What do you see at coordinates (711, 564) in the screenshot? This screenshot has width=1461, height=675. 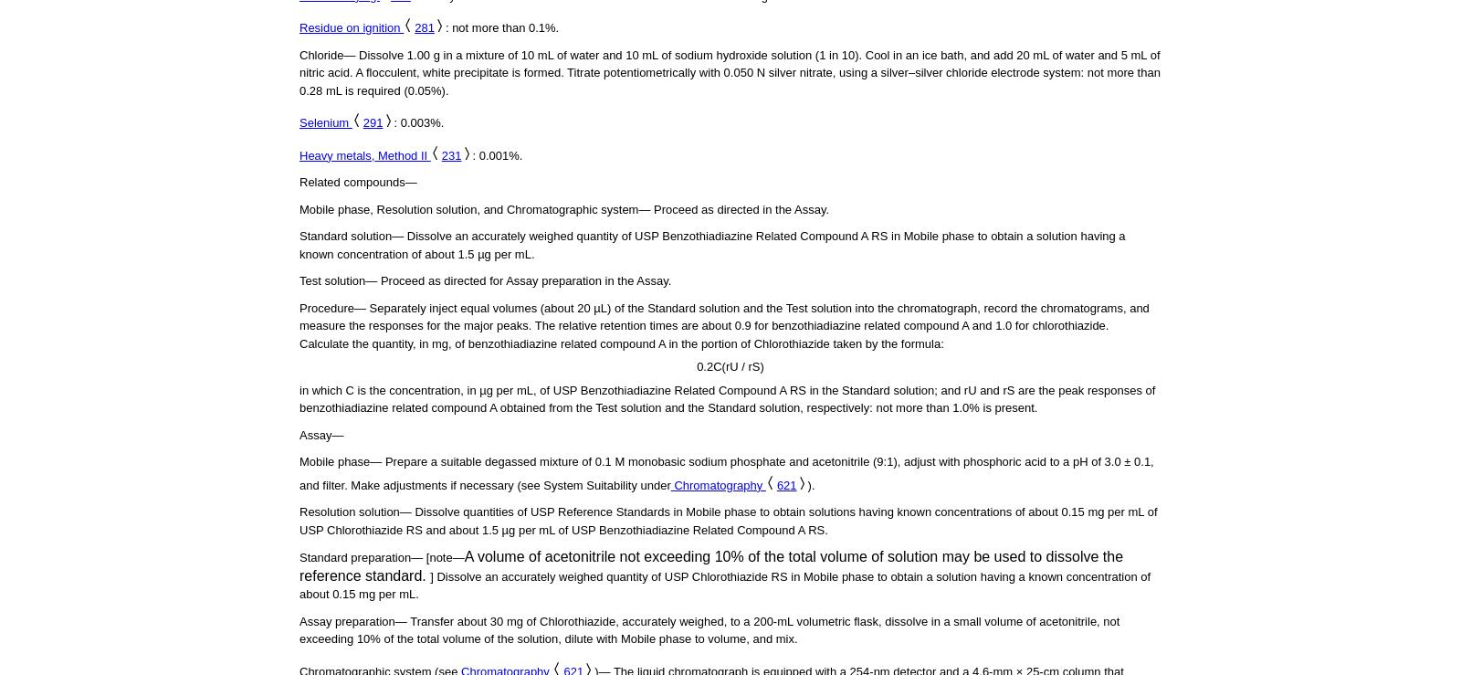 I see `'A volume of acetonitrile not exceeding 10% of the total volume of solution may be used to dissolve the reference standard.'` at bounding box center [711, 564].